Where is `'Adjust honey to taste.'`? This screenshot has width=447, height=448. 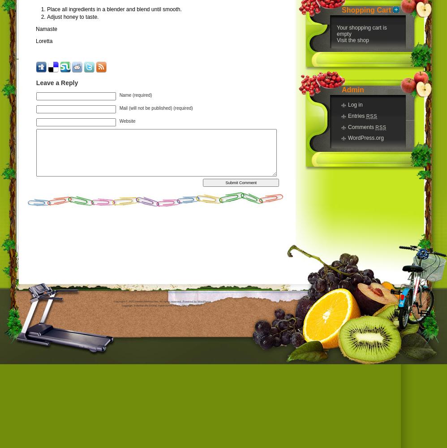 'Adjust honey to taste.' is located at coordinates (72, 17).